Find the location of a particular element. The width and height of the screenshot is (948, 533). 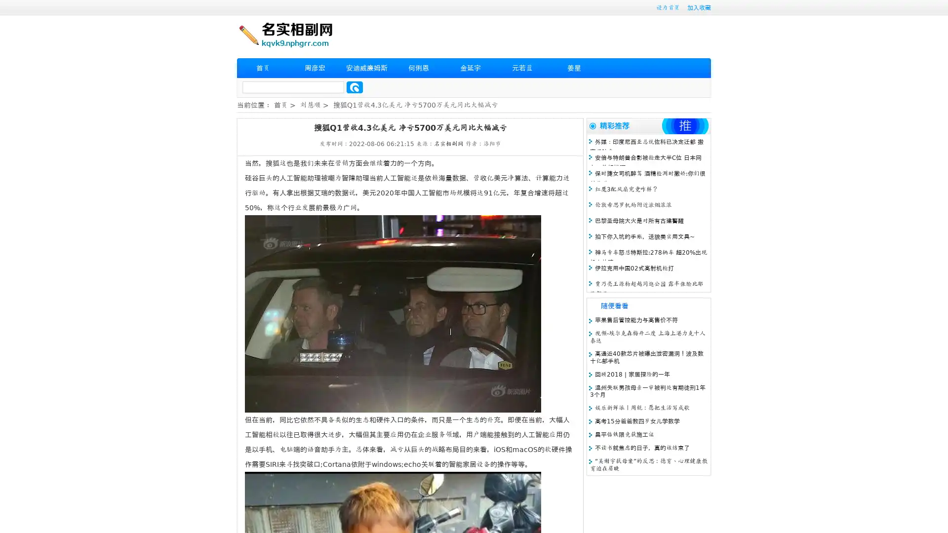

Search is located at coordinates (355, 87).